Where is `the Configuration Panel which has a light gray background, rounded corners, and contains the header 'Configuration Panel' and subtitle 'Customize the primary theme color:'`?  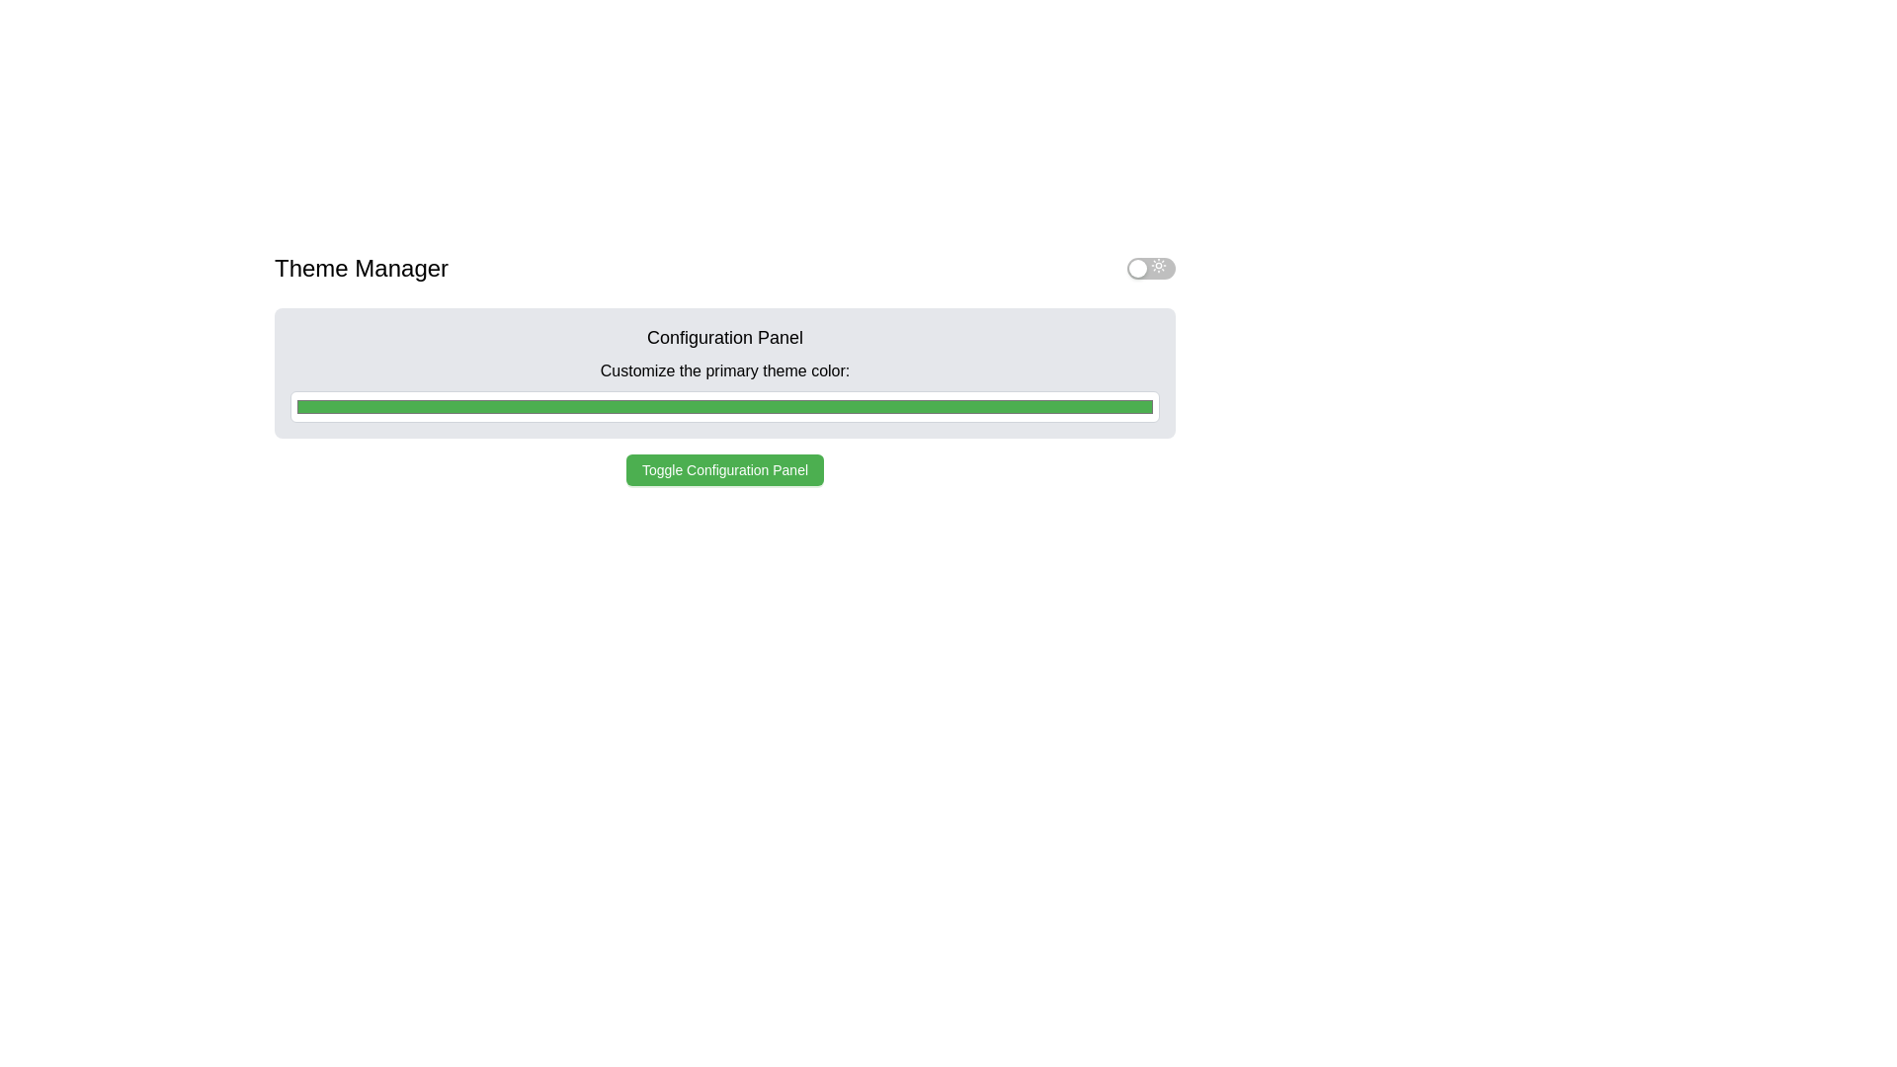 the Configuration Panel which has a light gray background, rounded corners, and contains the header 'Configuration Panel' and subtitle 'Customize the primary theme color:' is located at coordinates (724, 373).